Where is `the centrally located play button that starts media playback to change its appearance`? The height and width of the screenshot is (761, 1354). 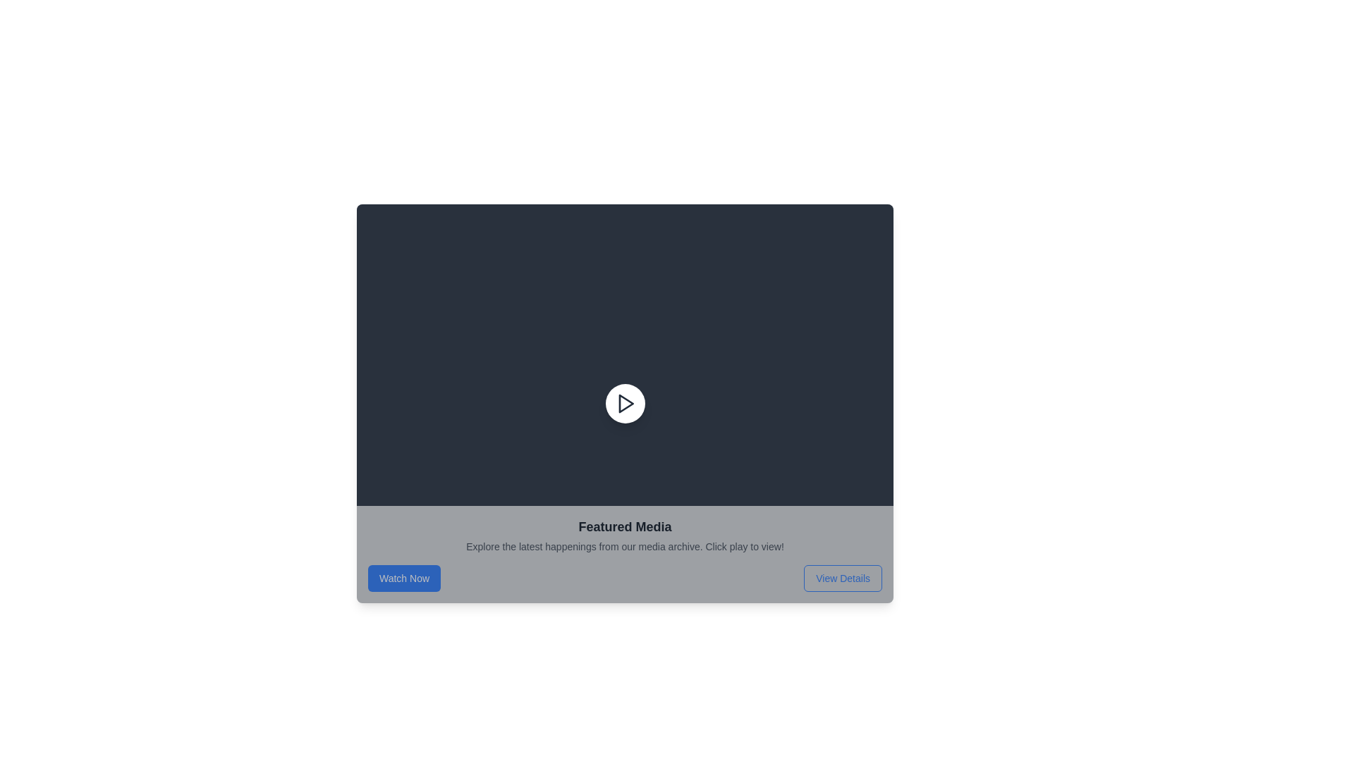 the centrally located play button that starts media playback to change its appearance is located at coordinates (624, 404).